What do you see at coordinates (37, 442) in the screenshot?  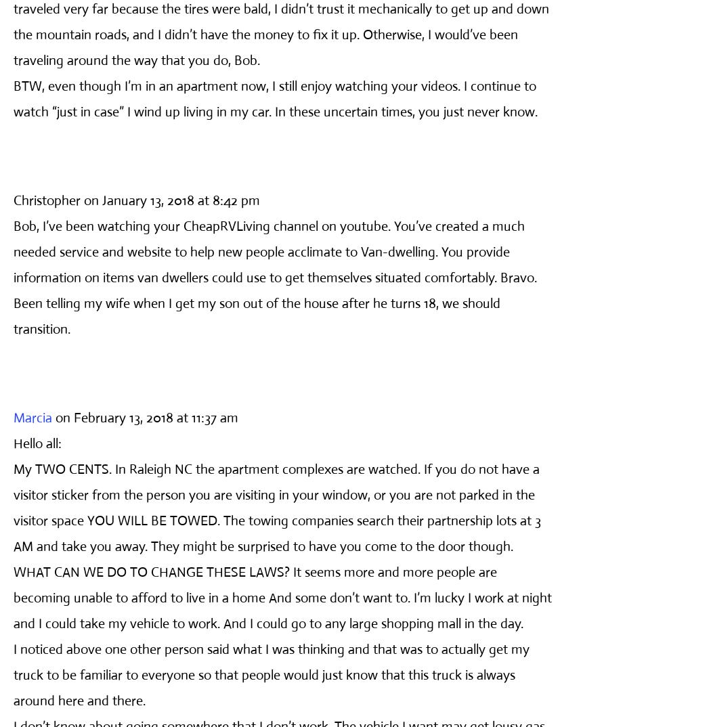 I see `'Hello all:'` at bounding box center [37, 442].